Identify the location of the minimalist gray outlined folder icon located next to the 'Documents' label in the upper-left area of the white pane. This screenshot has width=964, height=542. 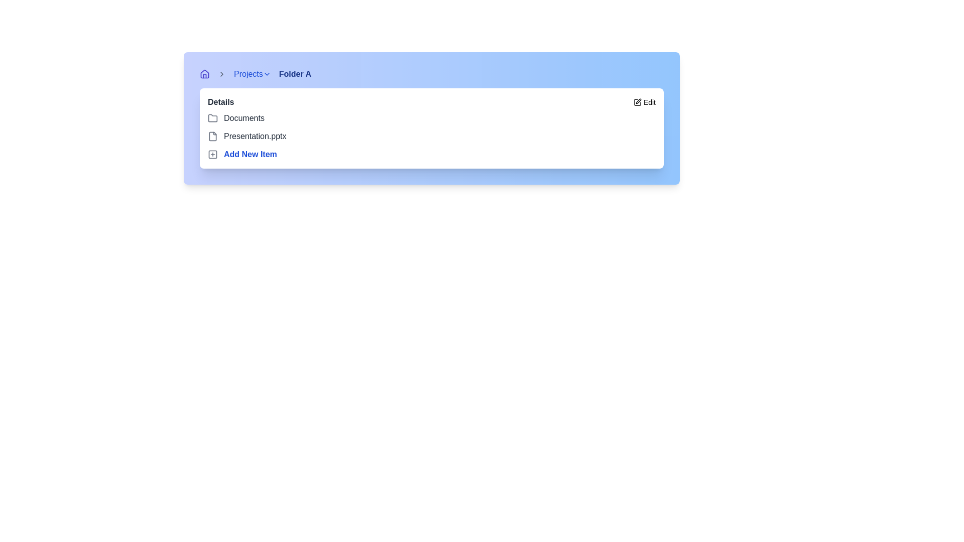
(212, 117).